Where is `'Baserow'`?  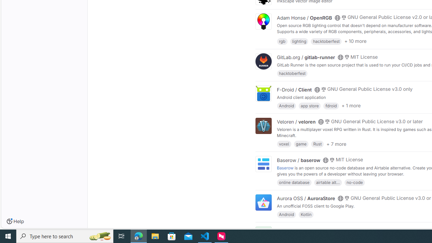
'Baserow' is located at coordinates (285, 167).